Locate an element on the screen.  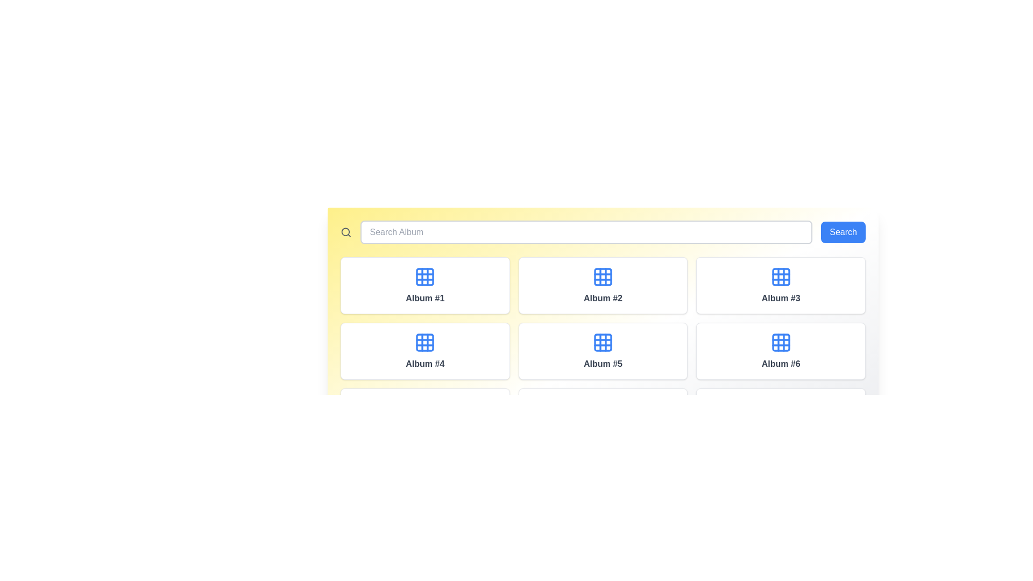
the album icon located at the top-center section of the 'Album #6' card, directly above the text label 'Album #6' is located at coordinates (781, 342).